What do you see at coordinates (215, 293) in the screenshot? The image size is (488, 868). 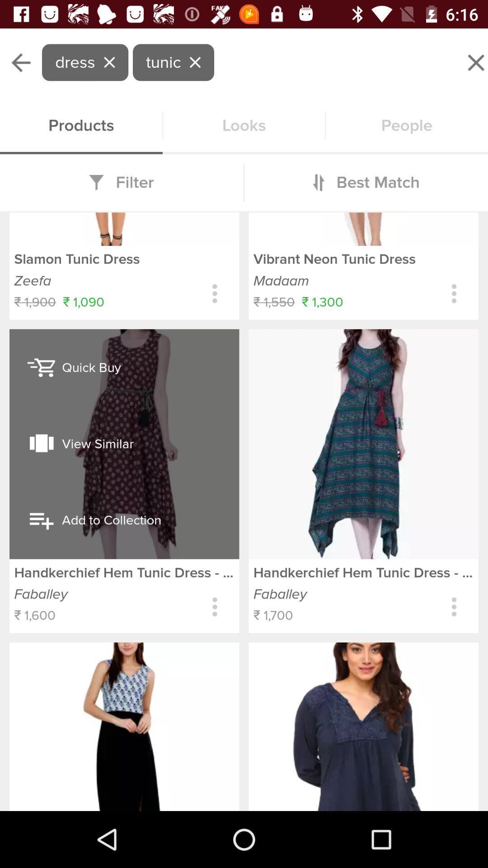 I see `get more options` at bounding box center [215, 293].